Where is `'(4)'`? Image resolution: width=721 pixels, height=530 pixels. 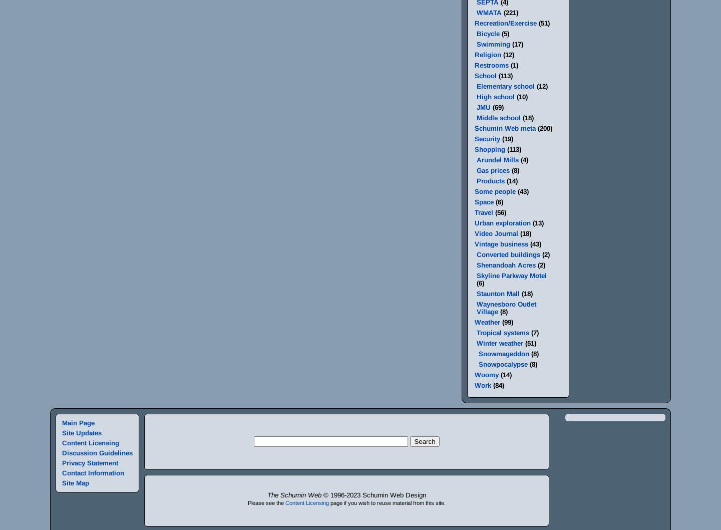 '(4)' is located at coordinates (523, 159).